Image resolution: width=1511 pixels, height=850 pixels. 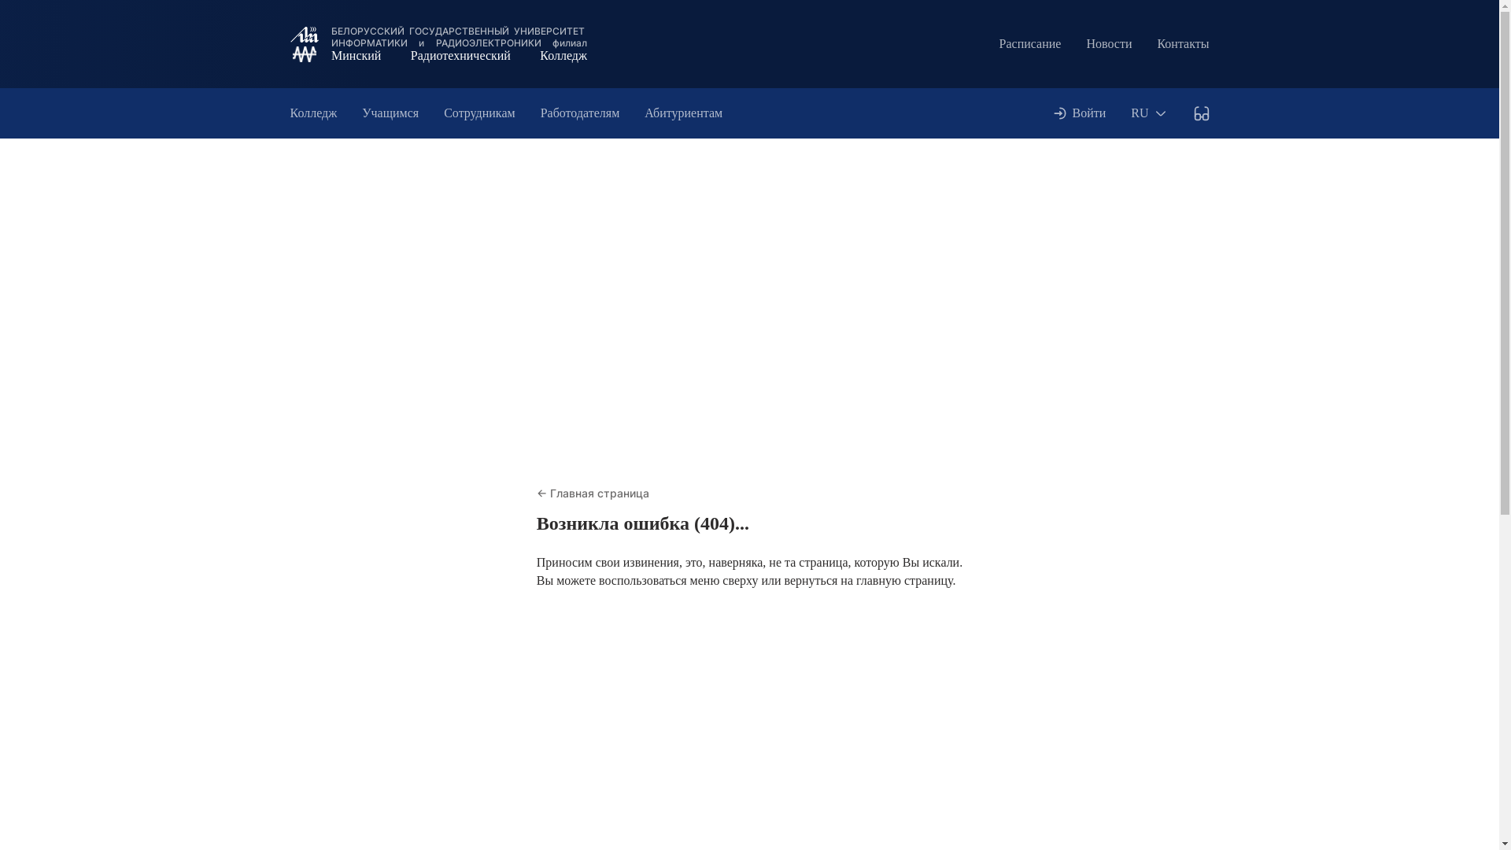 I want to click on 'RU', so click(x=1149, y=112).